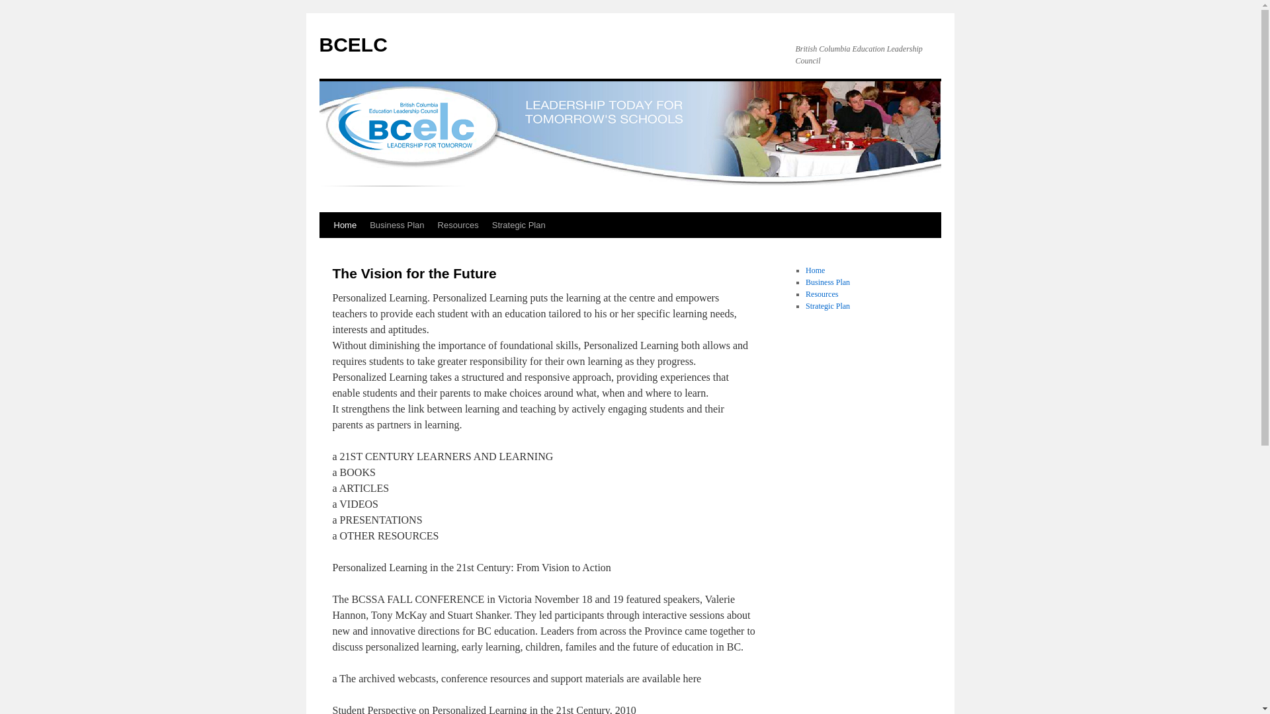  I want to click on 'Business Plan', so click(827, 282).